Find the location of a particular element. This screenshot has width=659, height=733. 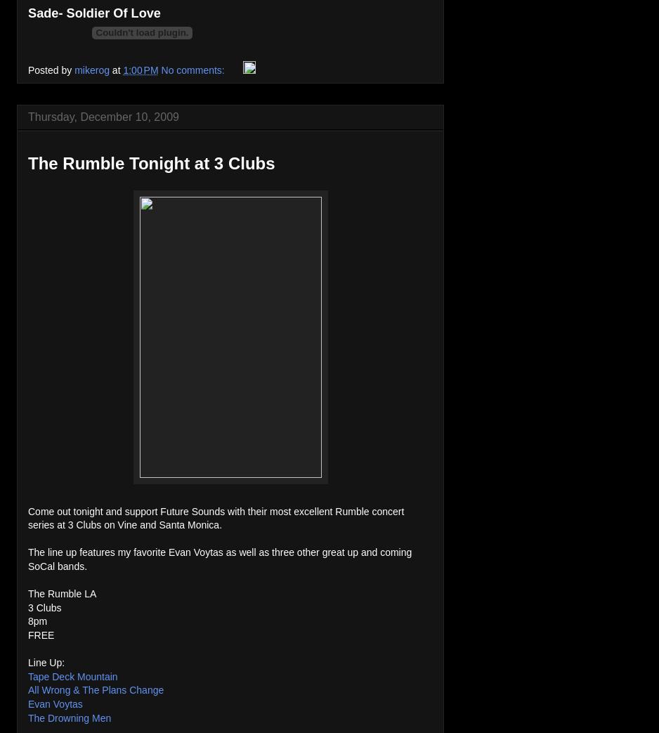

'FREE' is located at coordinates (40, 634).